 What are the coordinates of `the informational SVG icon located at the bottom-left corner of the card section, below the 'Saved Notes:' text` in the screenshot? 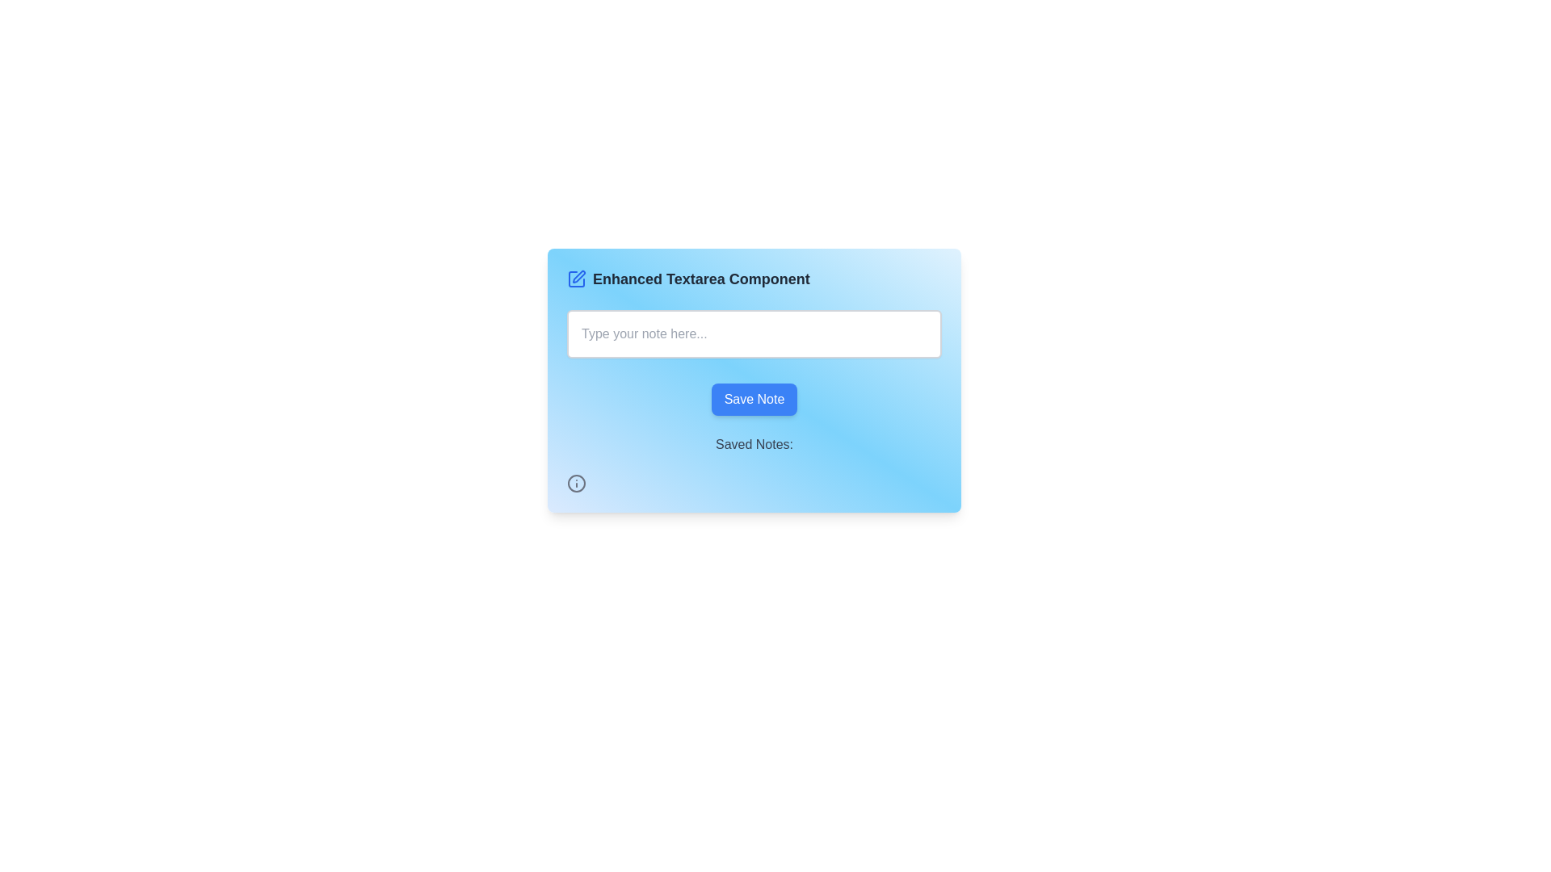 It's located at (577, 482).